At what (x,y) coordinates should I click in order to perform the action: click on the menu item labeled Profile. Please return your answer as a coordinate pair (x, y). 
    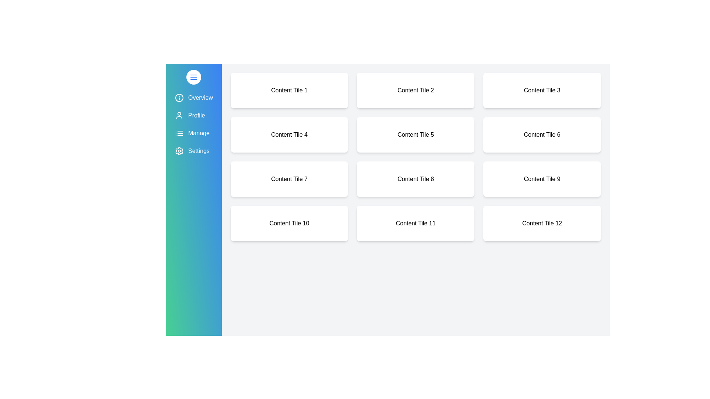
    Looking at the image, I should click on (194, 115).